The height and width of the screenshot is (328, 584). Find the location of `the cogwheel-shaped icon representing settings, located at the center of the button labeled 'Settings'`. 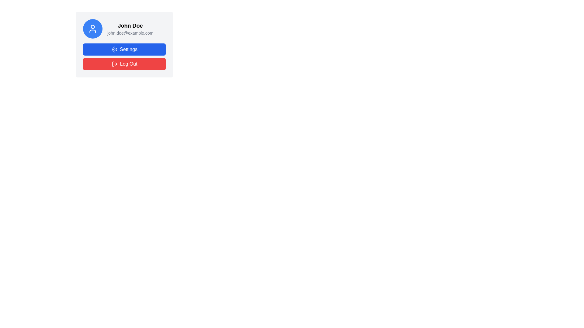

the cogwheel-shaped icon representing settings, located at the center of the button labeled 'Settings' is located at coordinates (114, 49).